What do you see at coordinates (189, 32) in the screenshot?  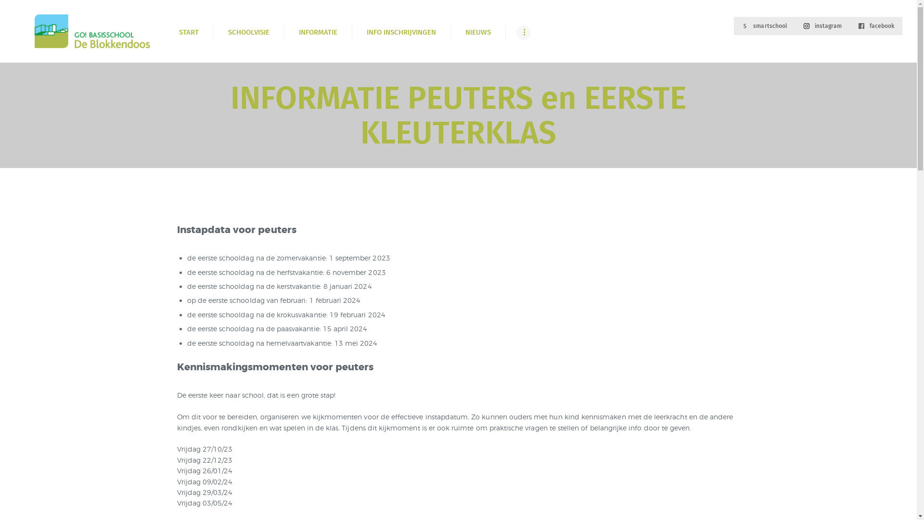 I see `'START'` at bounding box center [189, 32].